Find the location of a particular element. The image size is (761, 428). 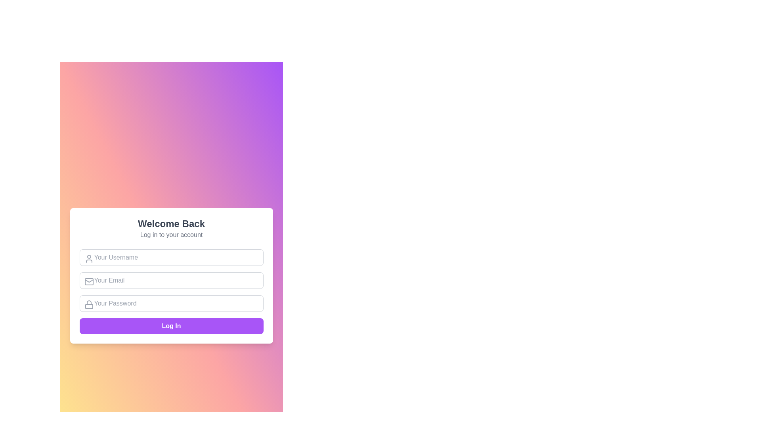

the 'Log In' button with a purple background and white text, located beneath the 'Your Password' input field in the login form is located at coordinates (171, 326).